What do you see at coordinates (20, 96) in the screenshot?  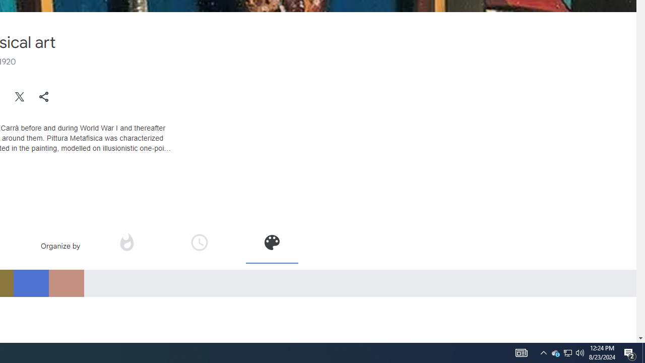 I see `'Share on Twitter'` at bounding box center [20, 96].